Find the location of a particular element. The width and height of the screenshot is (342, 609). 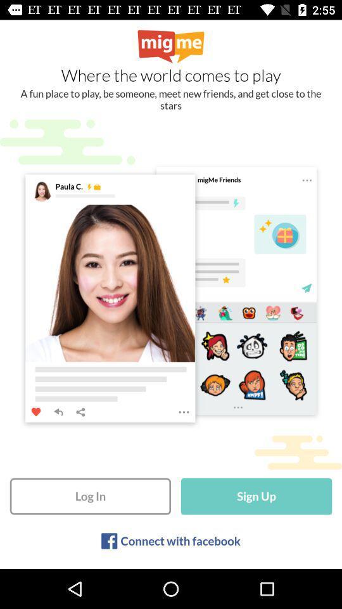

icon next to sign up icon is located at coordinates (89, 496).